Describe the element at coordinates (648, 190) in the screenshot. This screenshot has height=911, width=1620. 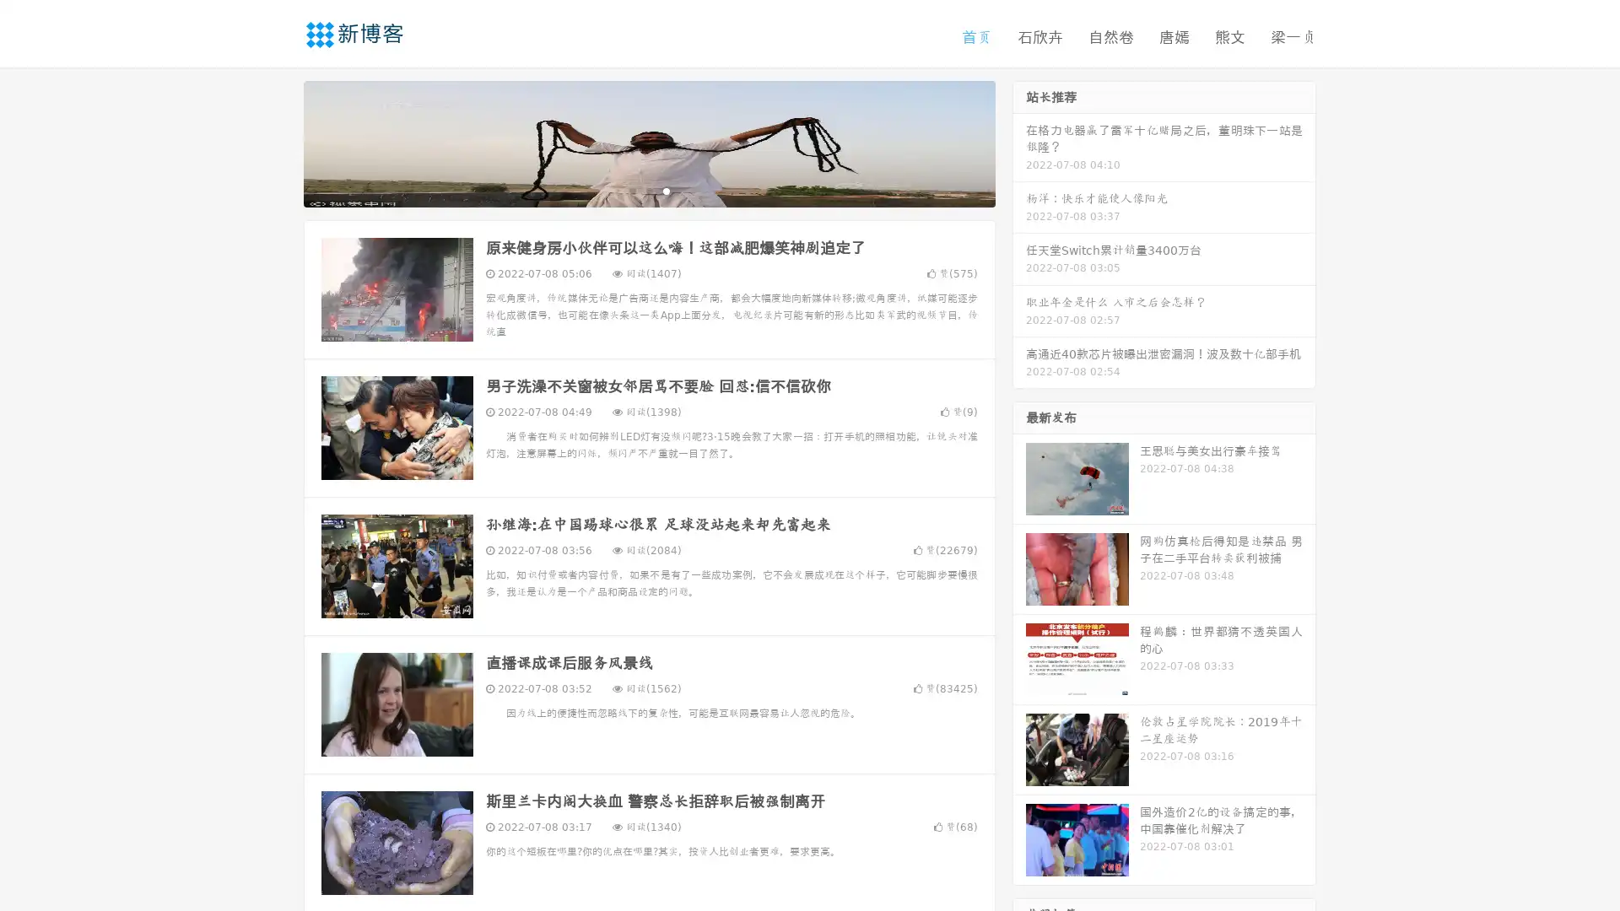
I see `Go to slide 2` at that location.